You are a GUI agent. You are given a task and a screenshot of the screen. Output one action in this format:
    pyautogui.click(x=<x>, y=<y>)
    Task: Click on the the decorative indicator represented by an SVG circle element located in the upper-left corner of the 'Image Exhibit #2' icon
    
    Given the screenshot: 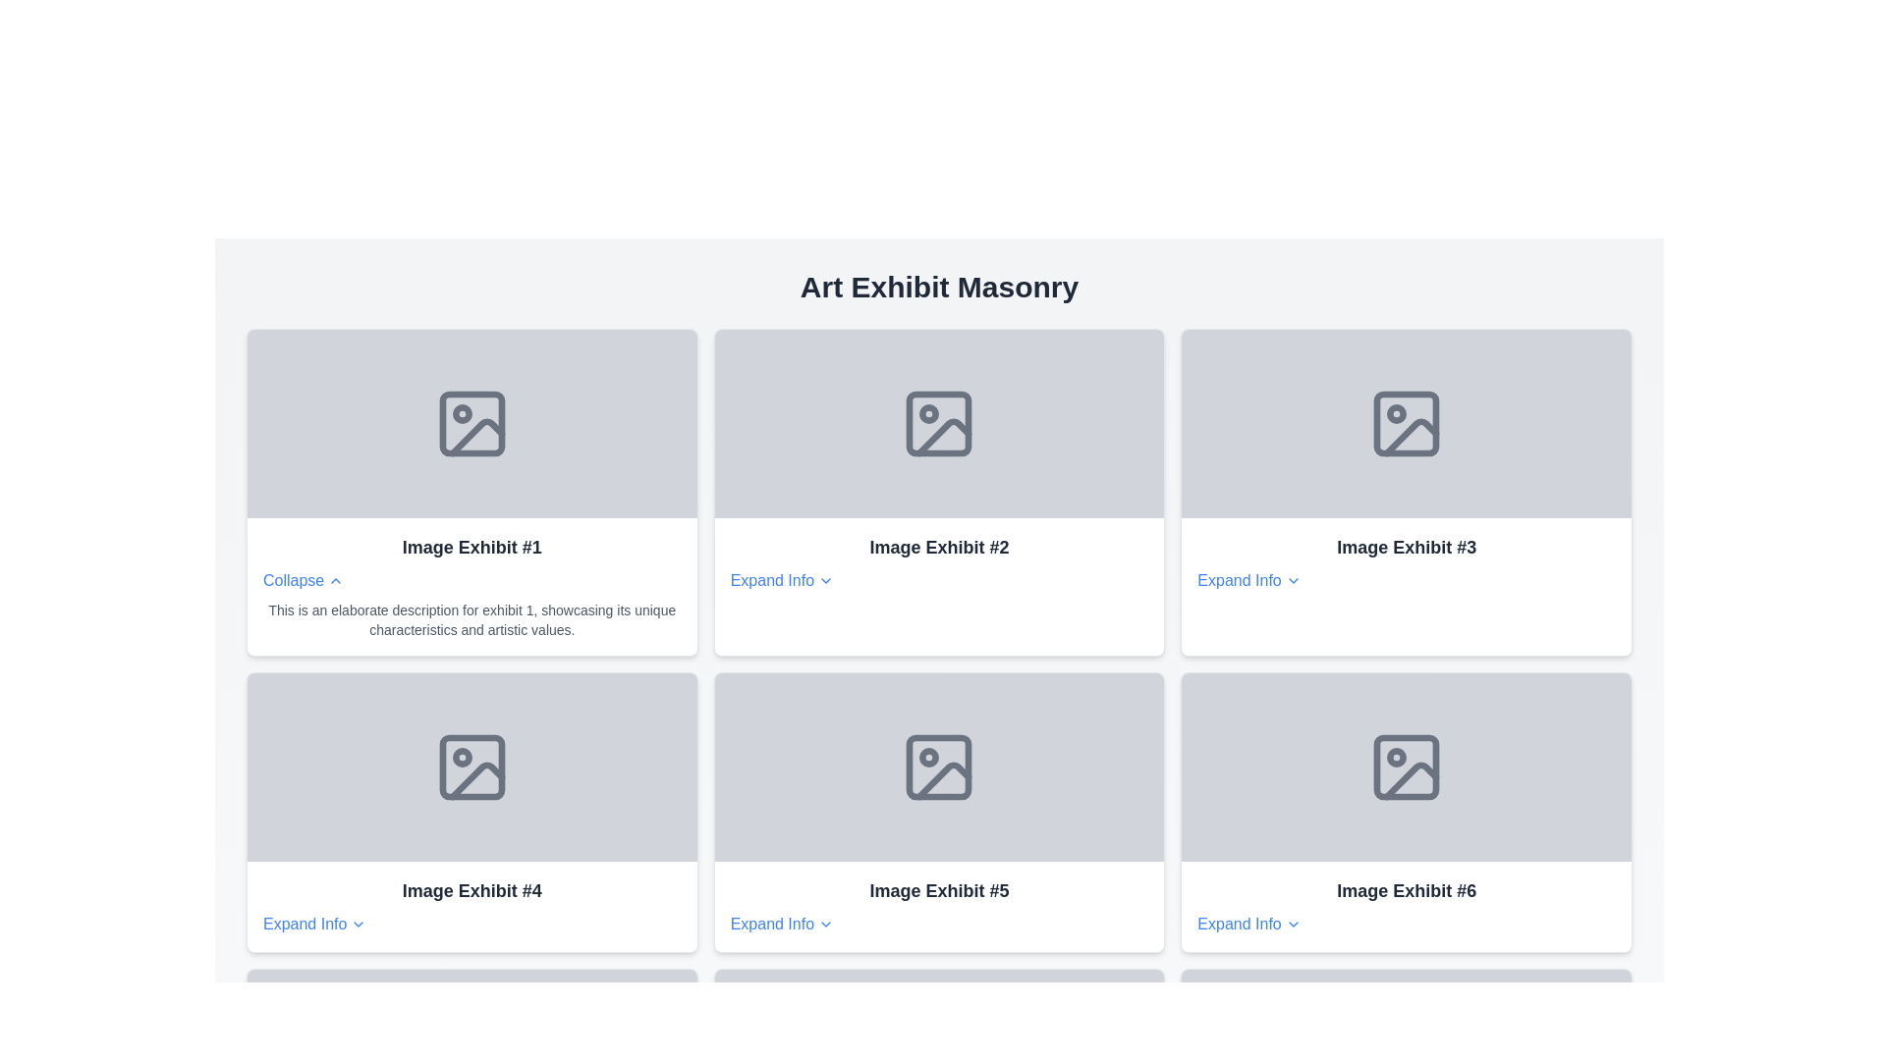 What is the action you would take?
    pyautogui.click(x=928, y=412)
    